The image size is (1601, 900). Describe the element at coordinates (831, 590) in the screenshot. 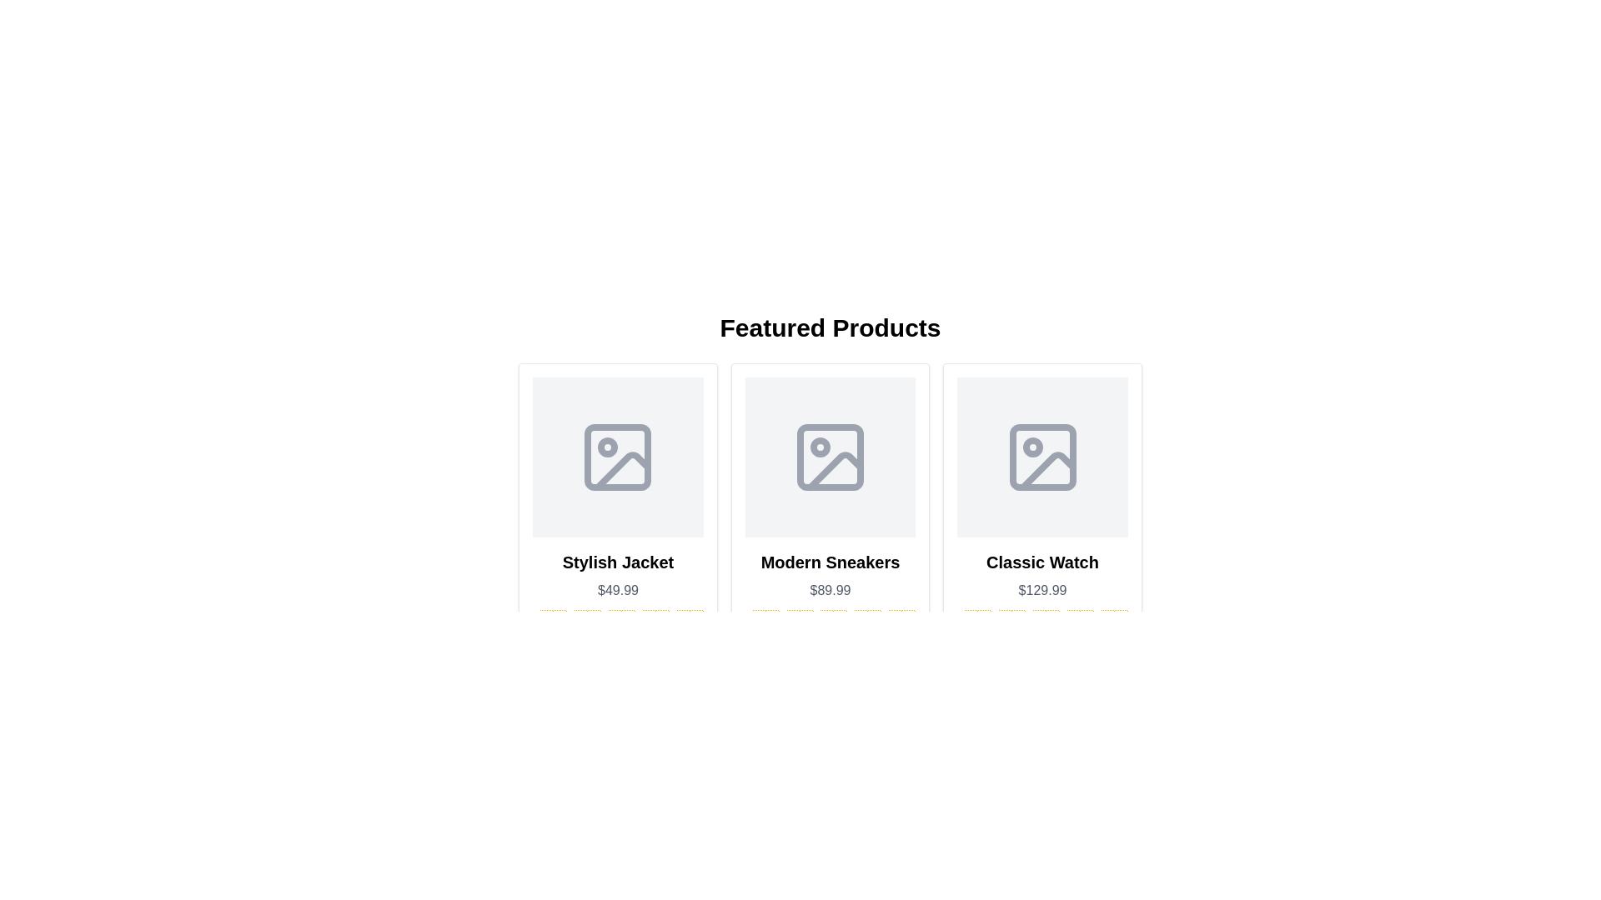

I see `the price text element displaying the cost information for the product 'Modern Sneakers', which is centered below the title and above the rating stars` at that location.